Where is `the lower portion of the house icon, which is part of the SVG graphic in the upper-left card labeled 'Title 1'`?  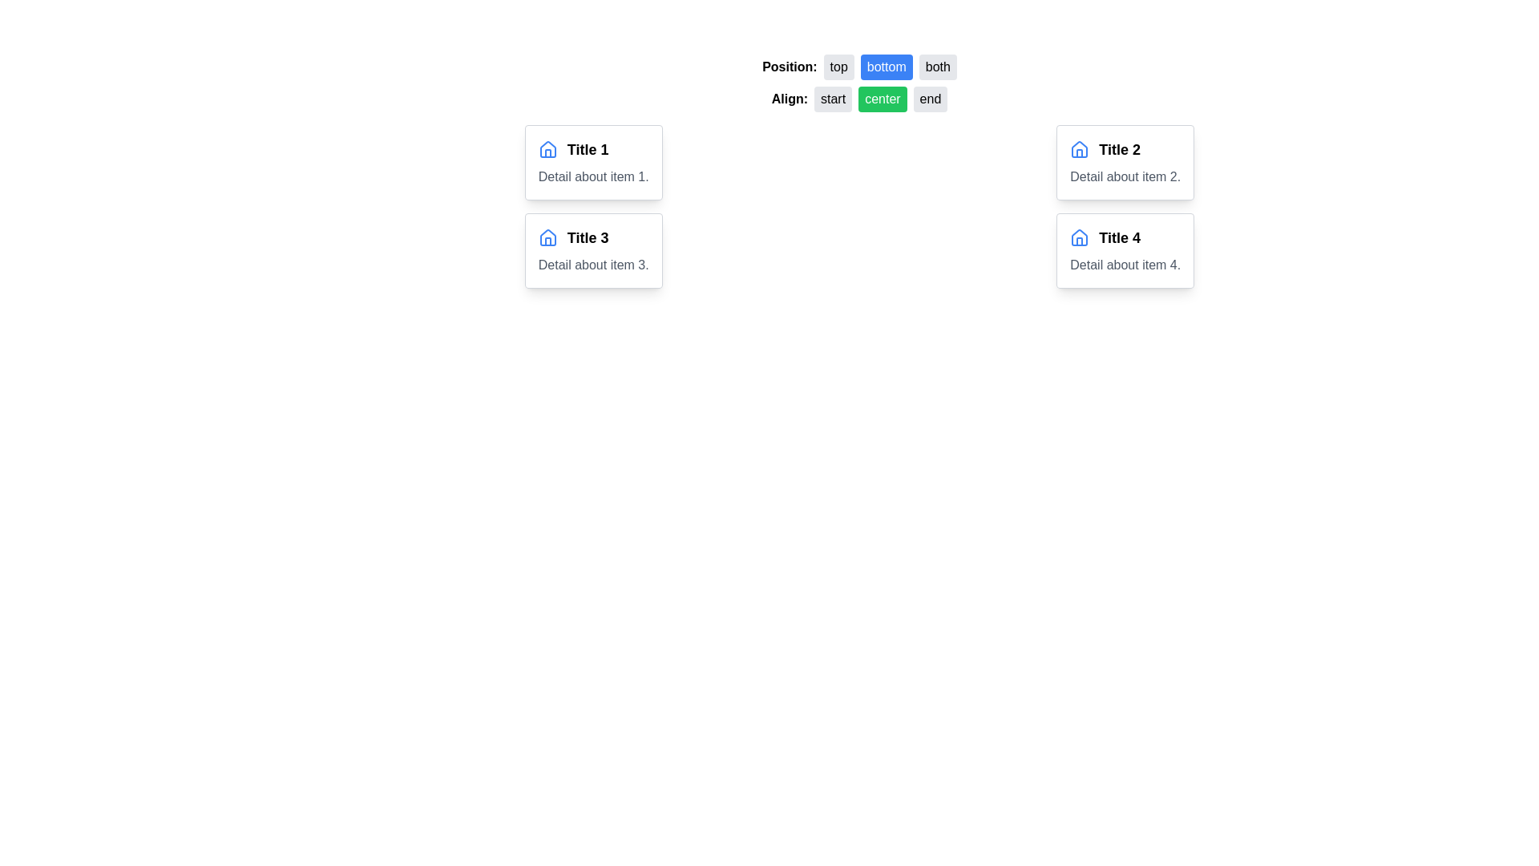
the lower portion of the house icon, which is part of the SVG graphic in the upper-left card labeled 'Title 1' is located at coordinates (1080, 241).